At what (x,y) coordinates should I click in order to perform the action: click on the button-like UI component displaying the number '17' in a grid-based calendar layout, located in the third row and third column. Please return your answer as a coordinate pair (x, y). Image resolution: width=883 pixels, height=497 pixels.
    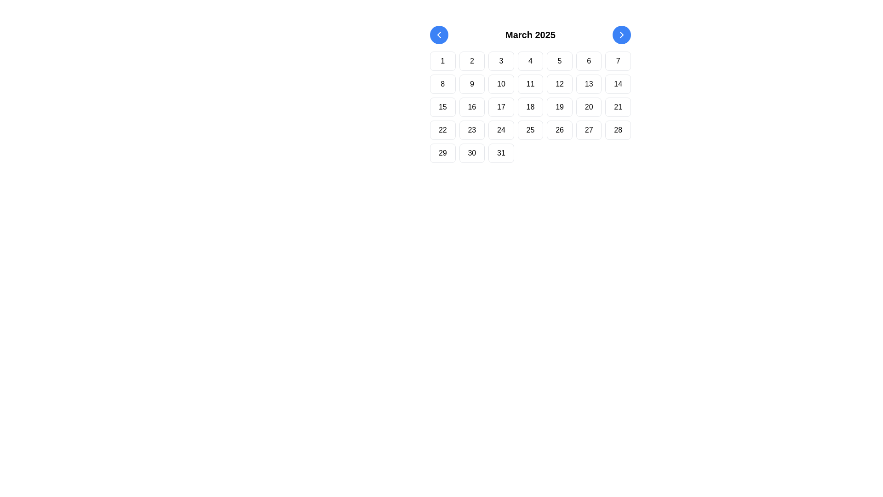
    Looking at the image, I should click on (500, 106).